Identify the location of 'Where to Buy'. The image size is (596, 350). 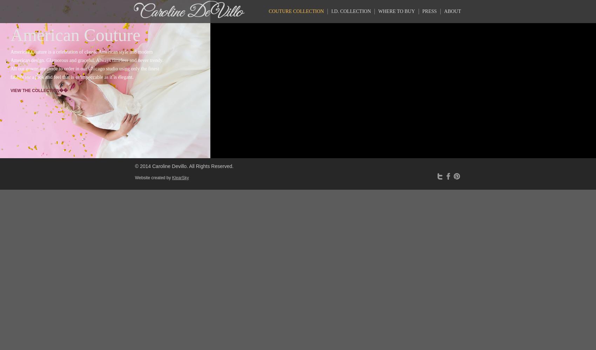
(378, 11).